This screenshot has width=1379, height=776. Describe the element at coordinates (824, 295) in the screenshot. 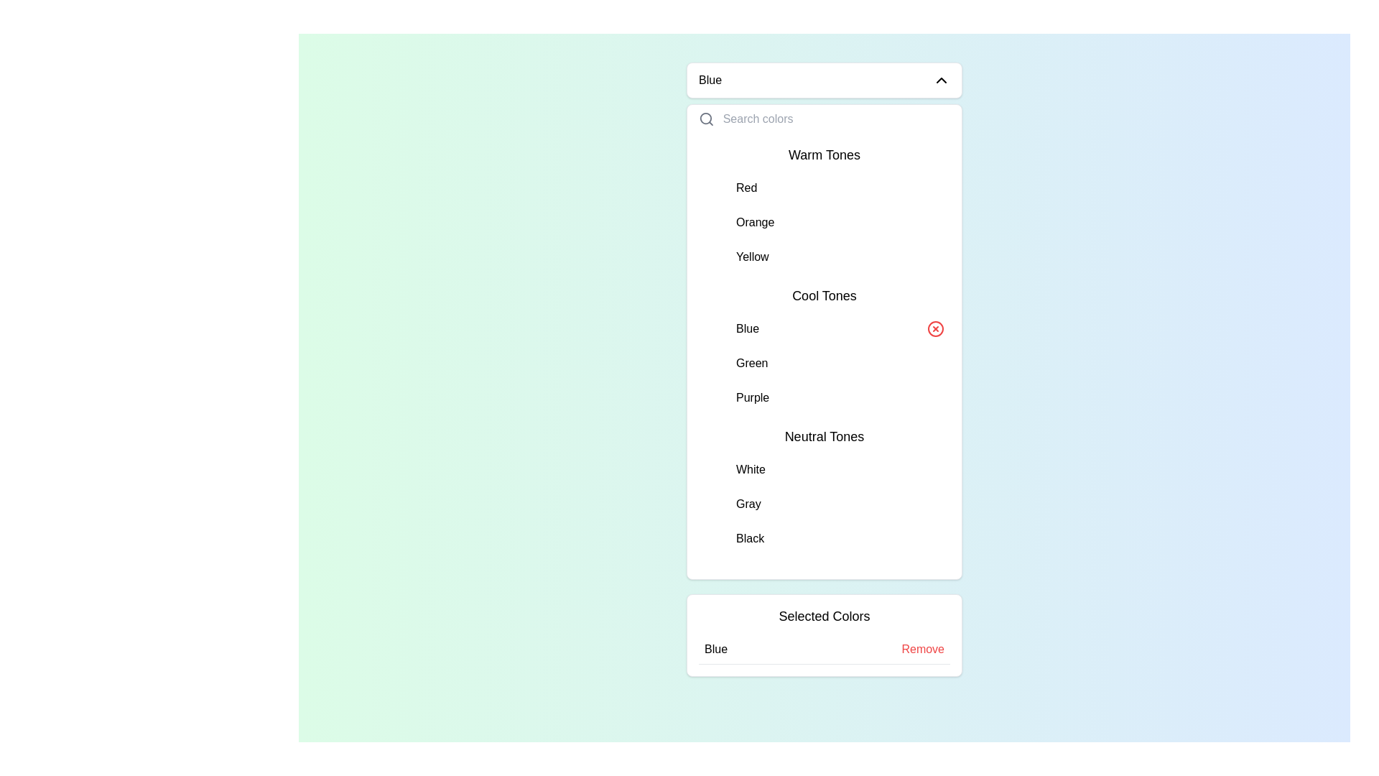

I see `the 'Cool Tones' text label located in the dropdown menu below the 'Warm Tones' category, which serves as a title for the colors 'Blue', 'Green', and 'Purple'` at that location.